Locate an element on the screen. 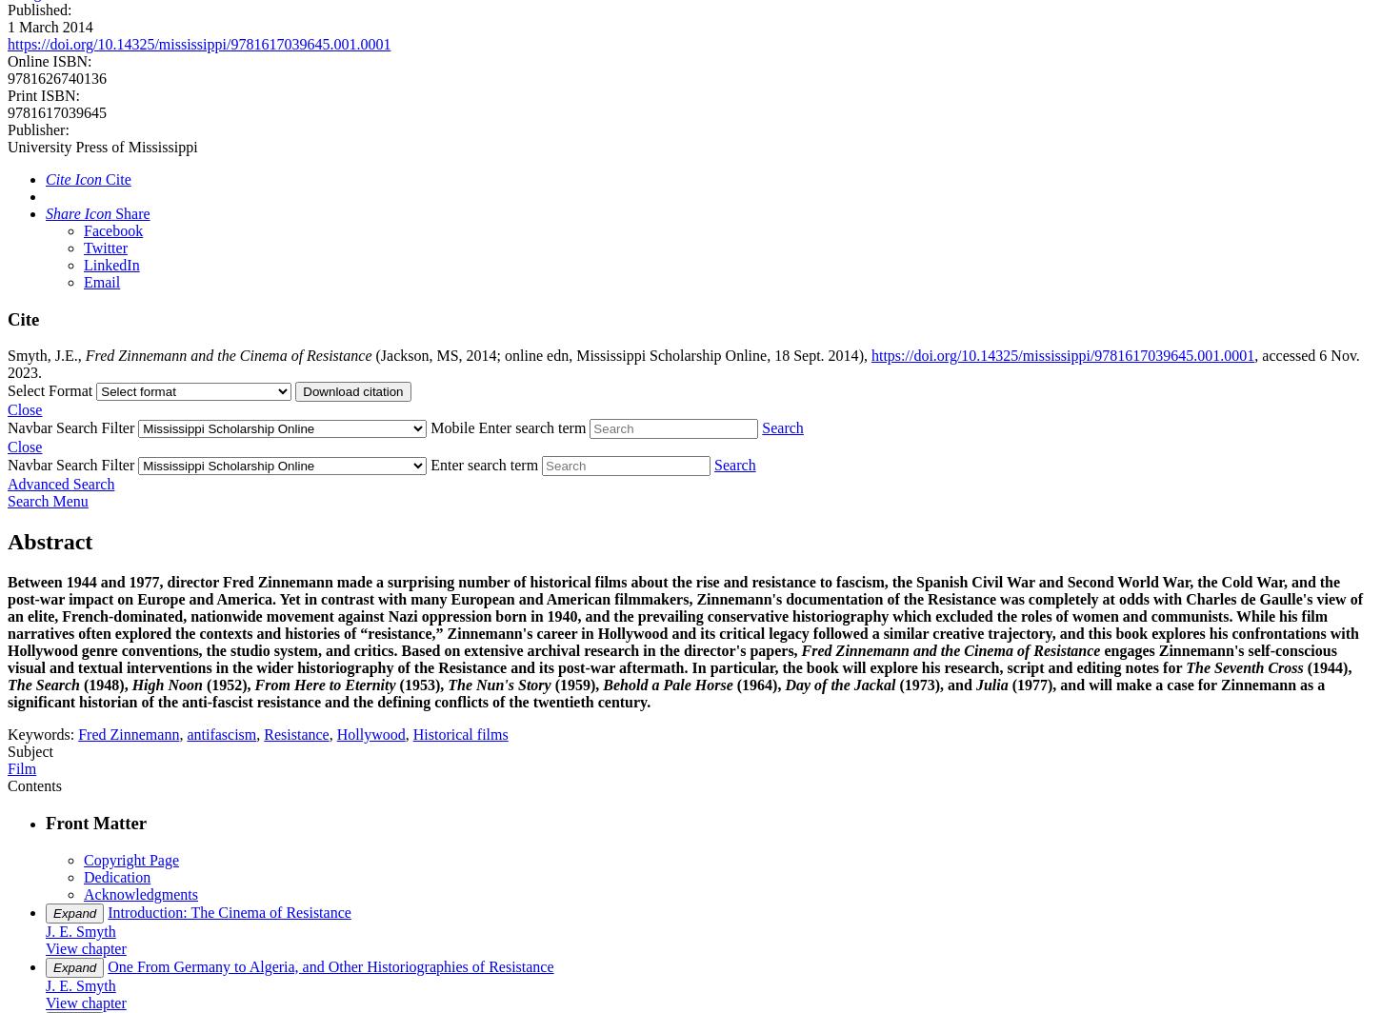  'Fred Zinnemann' is located at coordinates (127, 734).